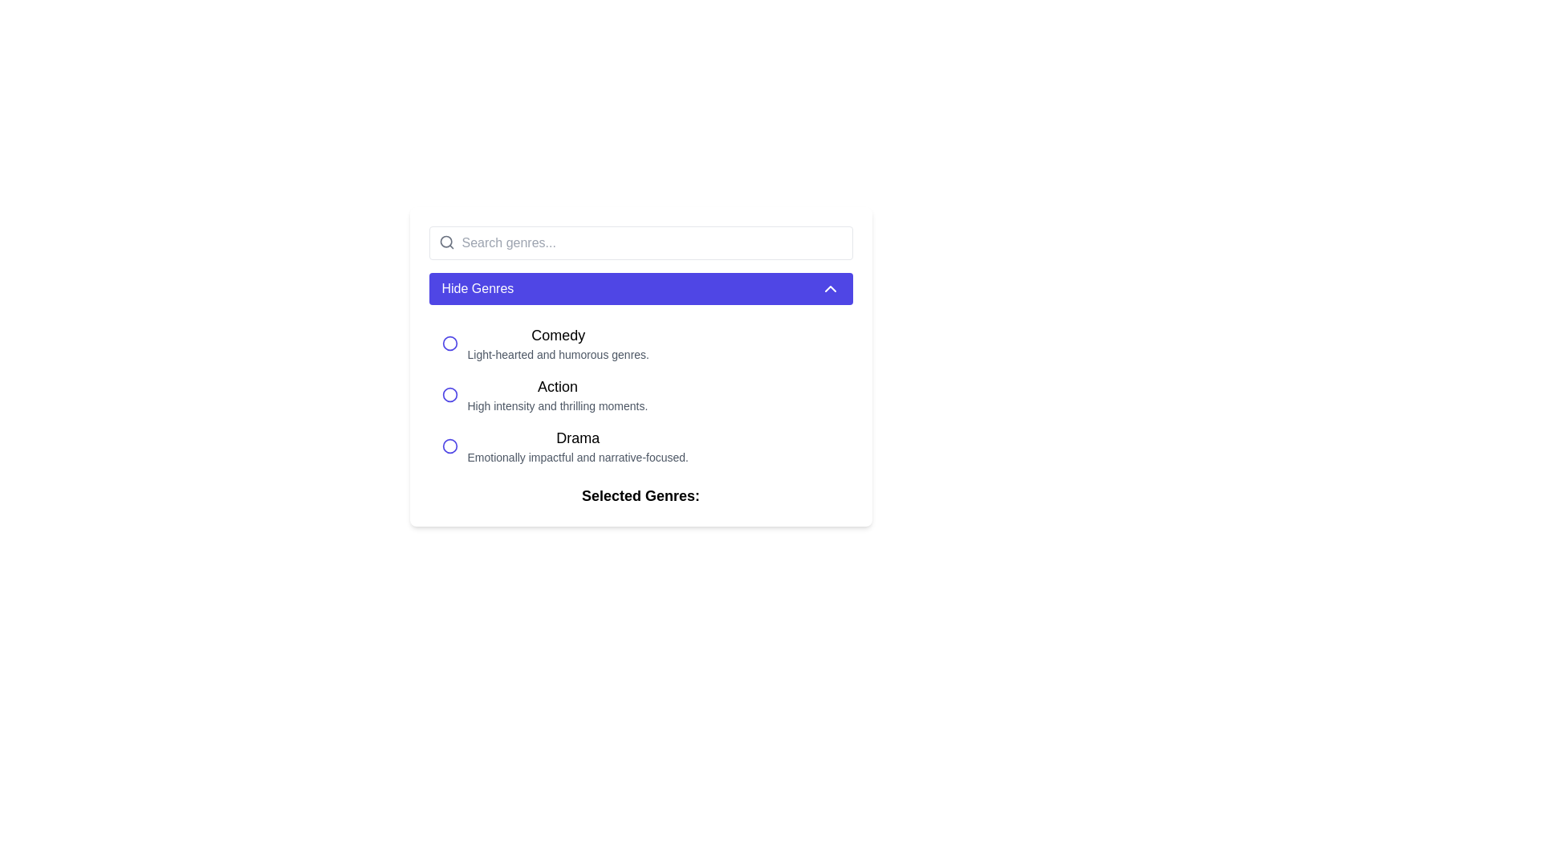 The height and width of the screenshot is (867, 1541). Describe the element at coordinates (640, 343) in the screenshot. I see `to select the genre 'Comedy' from the selectable list of genres, which is the first item in the list` at that location.